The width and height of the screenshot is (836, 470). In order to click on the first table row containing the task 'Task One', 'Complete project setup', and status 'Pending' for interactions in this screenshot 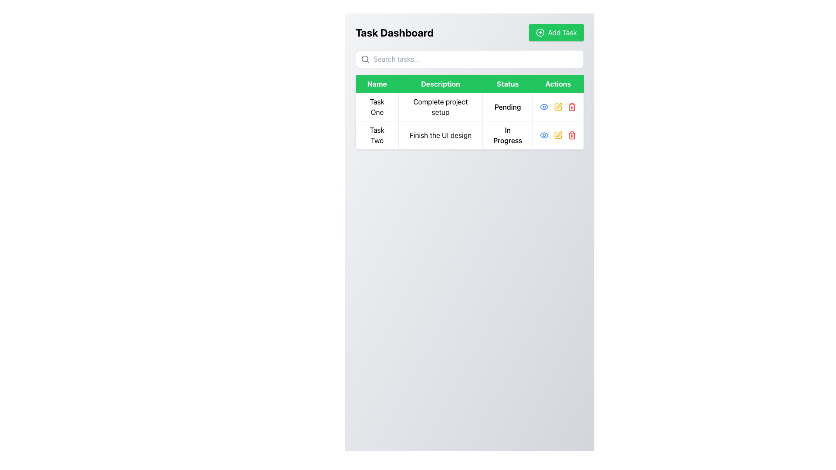, I will do `click(469, 107)`.